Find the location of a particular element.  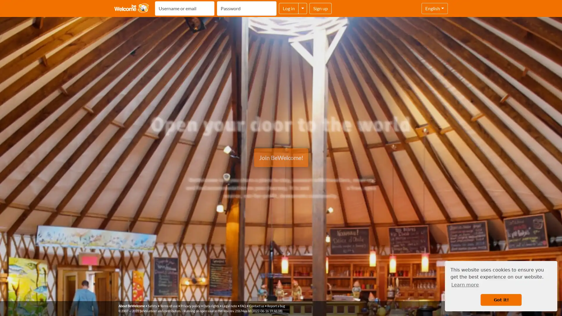

learn more about cookies is located at coordinates (465, 284).